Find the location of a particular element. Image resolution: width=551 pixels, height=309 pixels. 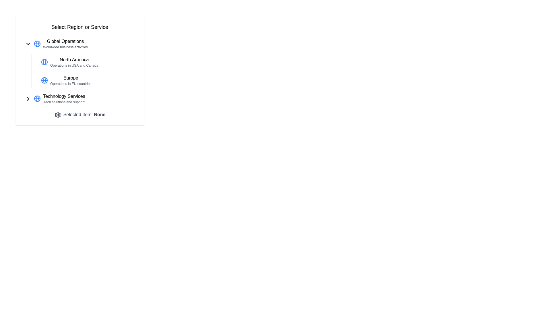

the first selectable region option under the 'Global Operations' category is located at coordinates (74, 62).